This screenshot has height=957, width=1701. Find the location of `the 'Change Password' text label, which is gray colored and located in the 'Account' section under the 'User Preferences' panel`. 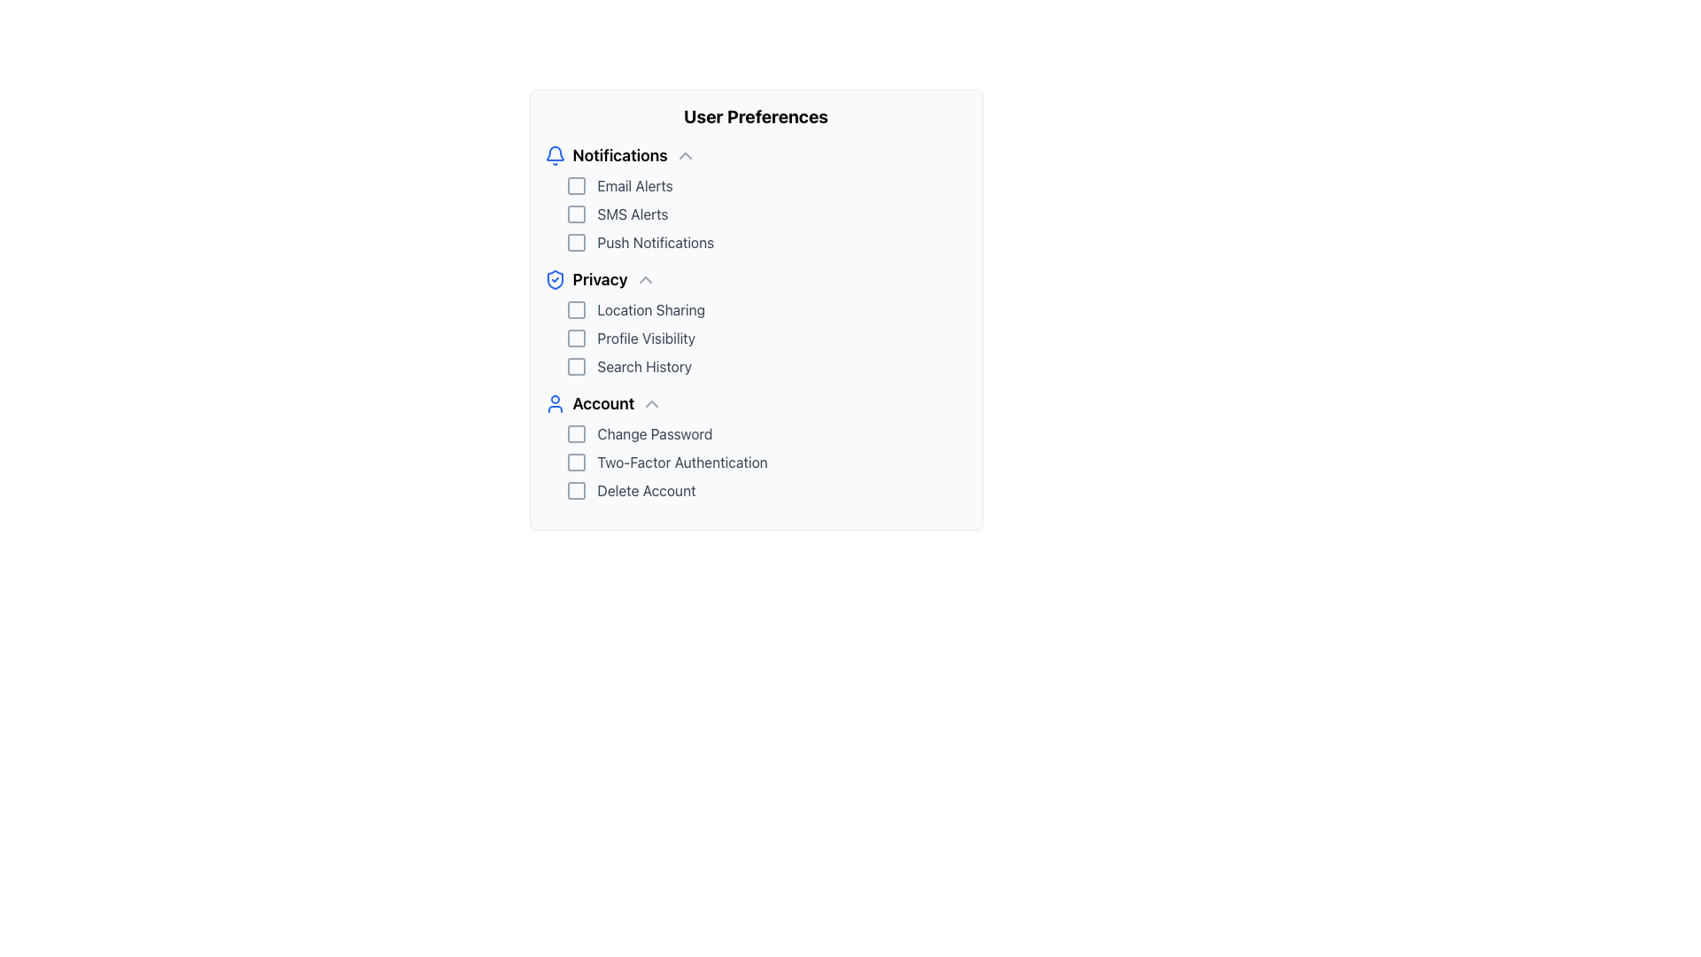

the 'Change Password' text label, which is gray colored and located in the 'Account' section under the 'User Preferences' panel is located at coordinates (654, 433).